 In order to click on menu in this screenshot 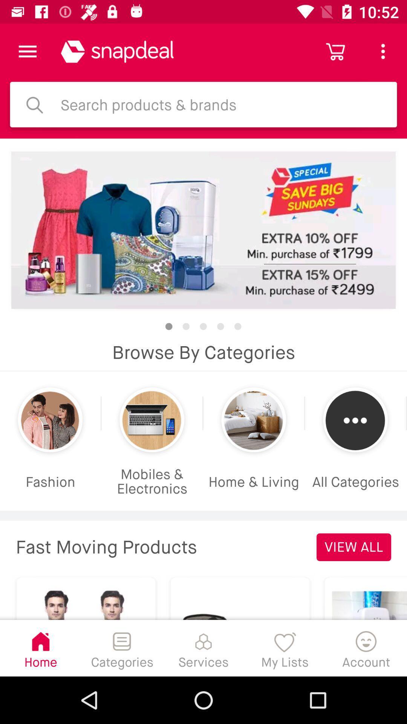, I will do `click(27, 51)`.